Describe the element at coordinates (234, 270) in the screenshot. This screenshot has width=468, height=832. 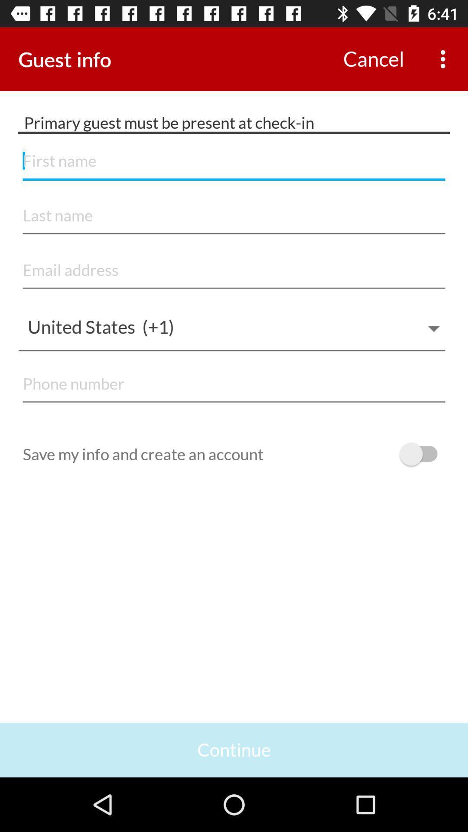
I see `email address` at that location.